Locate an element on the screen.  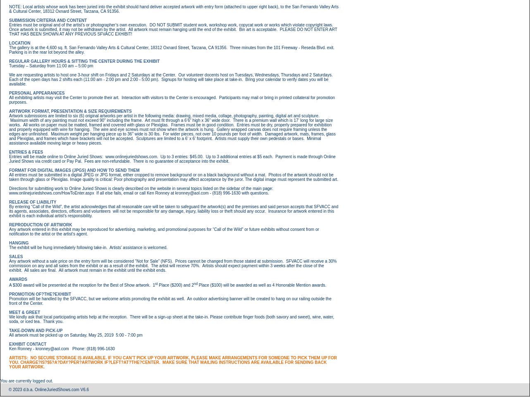
'5:00 - 7:00 pm' is located at coordinates (129, 335).